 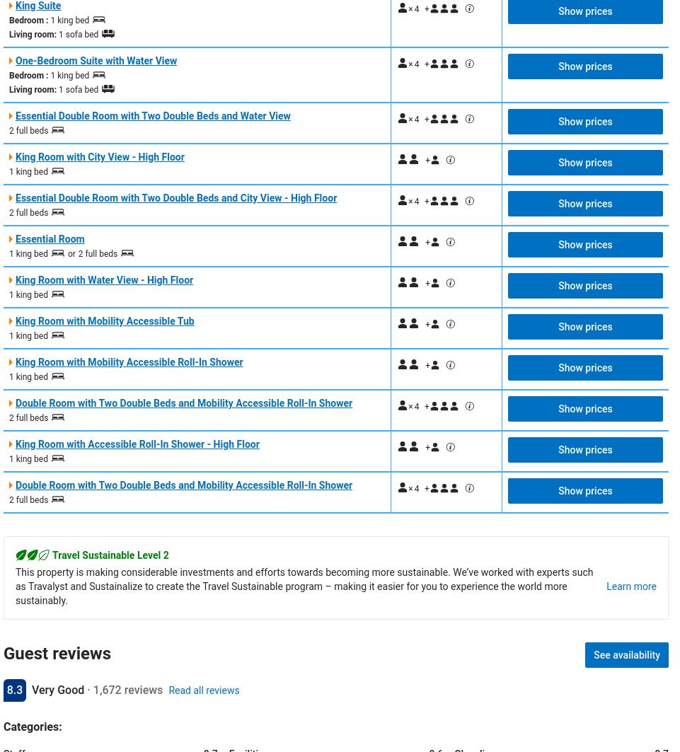 What do you see at coordinates (15, 584) in the screenshot?
I see `'This property is making considerable investments and efforts towards becoming more sustainable. We’ve worked with experts such as Travalyst and Sustainalize to create the Travel Sustainable program – making it easier for you to experience the world more sustainably.'` at bounding box center [15, 584].